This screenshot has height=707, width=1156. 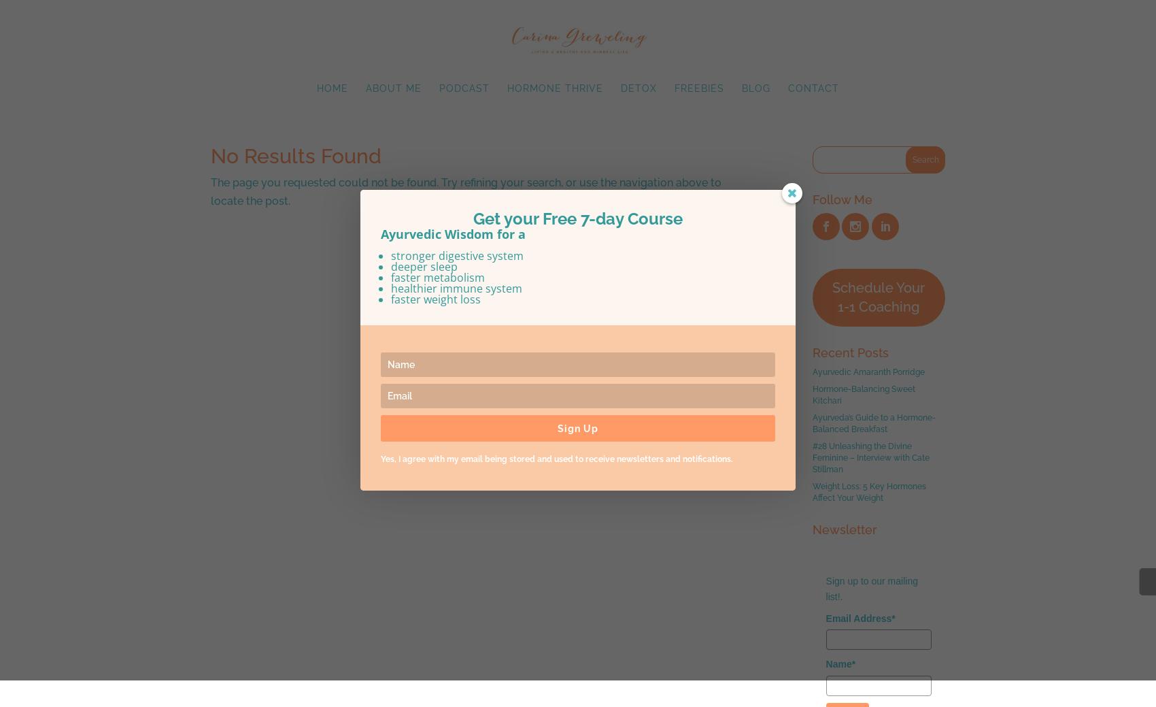 I want to click on 'Name*', so click(x=840, y=664).